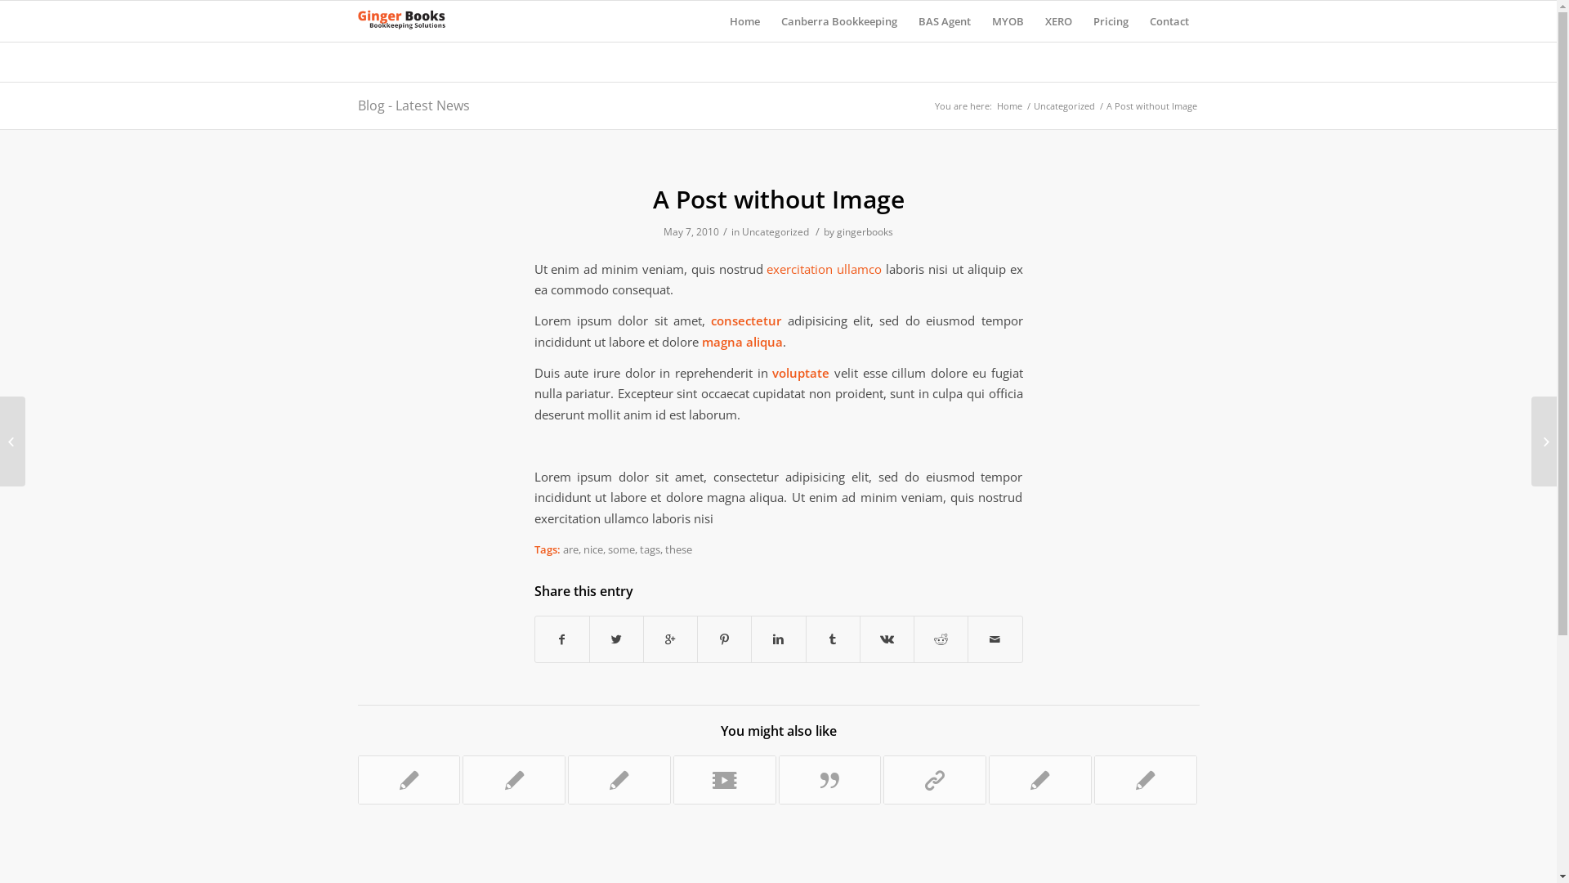 This screenshot has height=883, width=1569. What do you see at coordinates (1034, 21) in the screenshot?
I see `'XERO'` at bounding box center [1034, 21].